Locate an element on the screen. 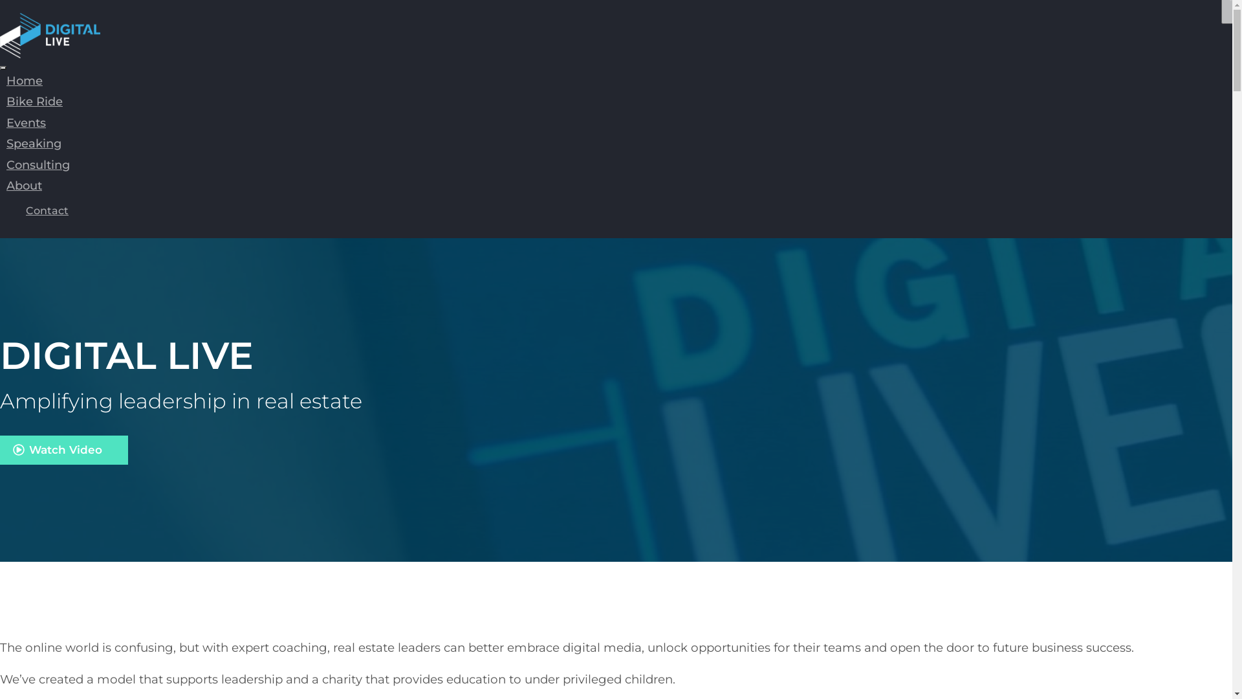 Image resolution: width=1242 pixels, height=699 pixels. 'About' is located at coordinates (0, 185).